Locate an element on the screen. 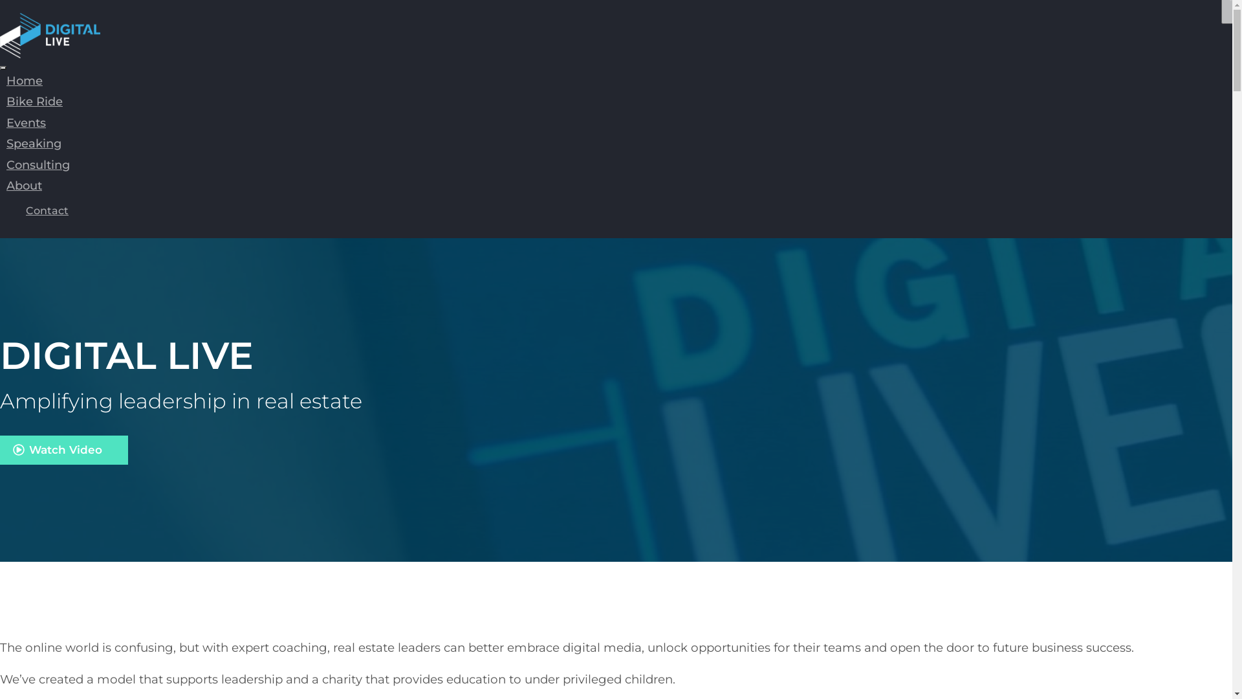 Image resolution: width=1242 pixels, height=699 pixels. 'About' is located at coordinates (0, 185).